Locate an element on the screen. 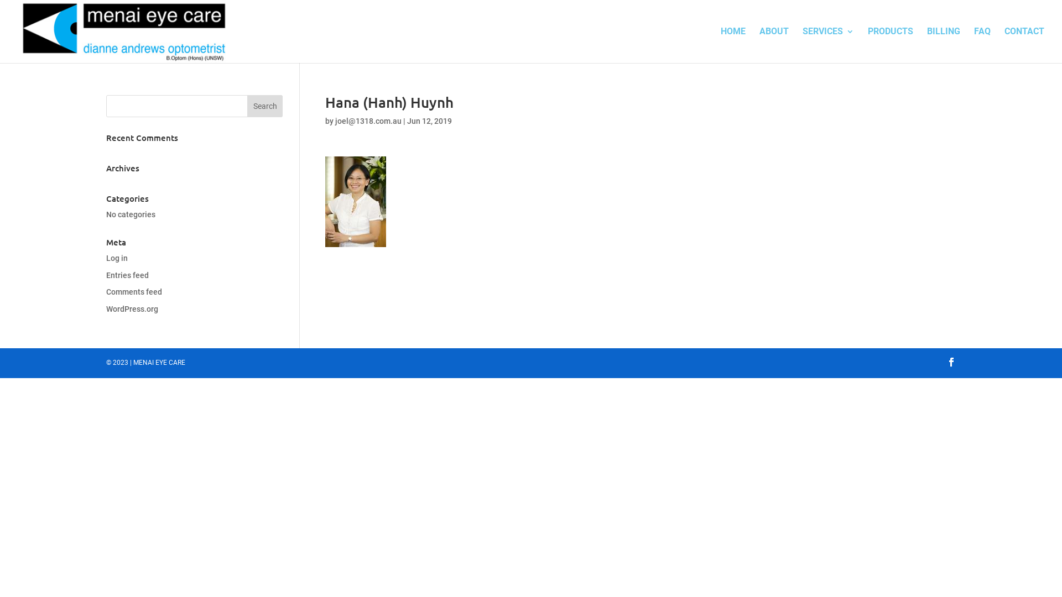 The height and width of the screenshot is (597, 1062). 'Comments feed' is located at coordinates (133, 291).